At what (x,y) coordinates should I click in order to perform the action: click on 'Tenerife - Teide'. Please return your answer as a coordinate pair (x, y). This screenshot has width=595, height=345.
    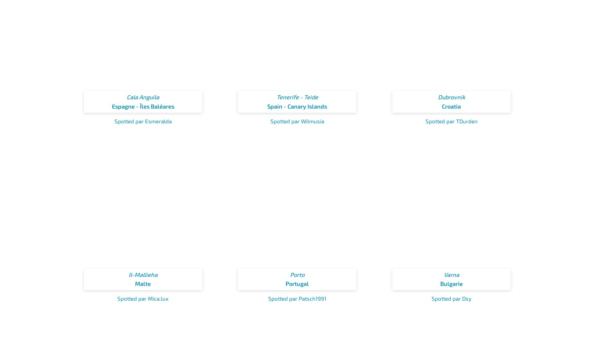
    Looking at the image, I should click on (297, 97).